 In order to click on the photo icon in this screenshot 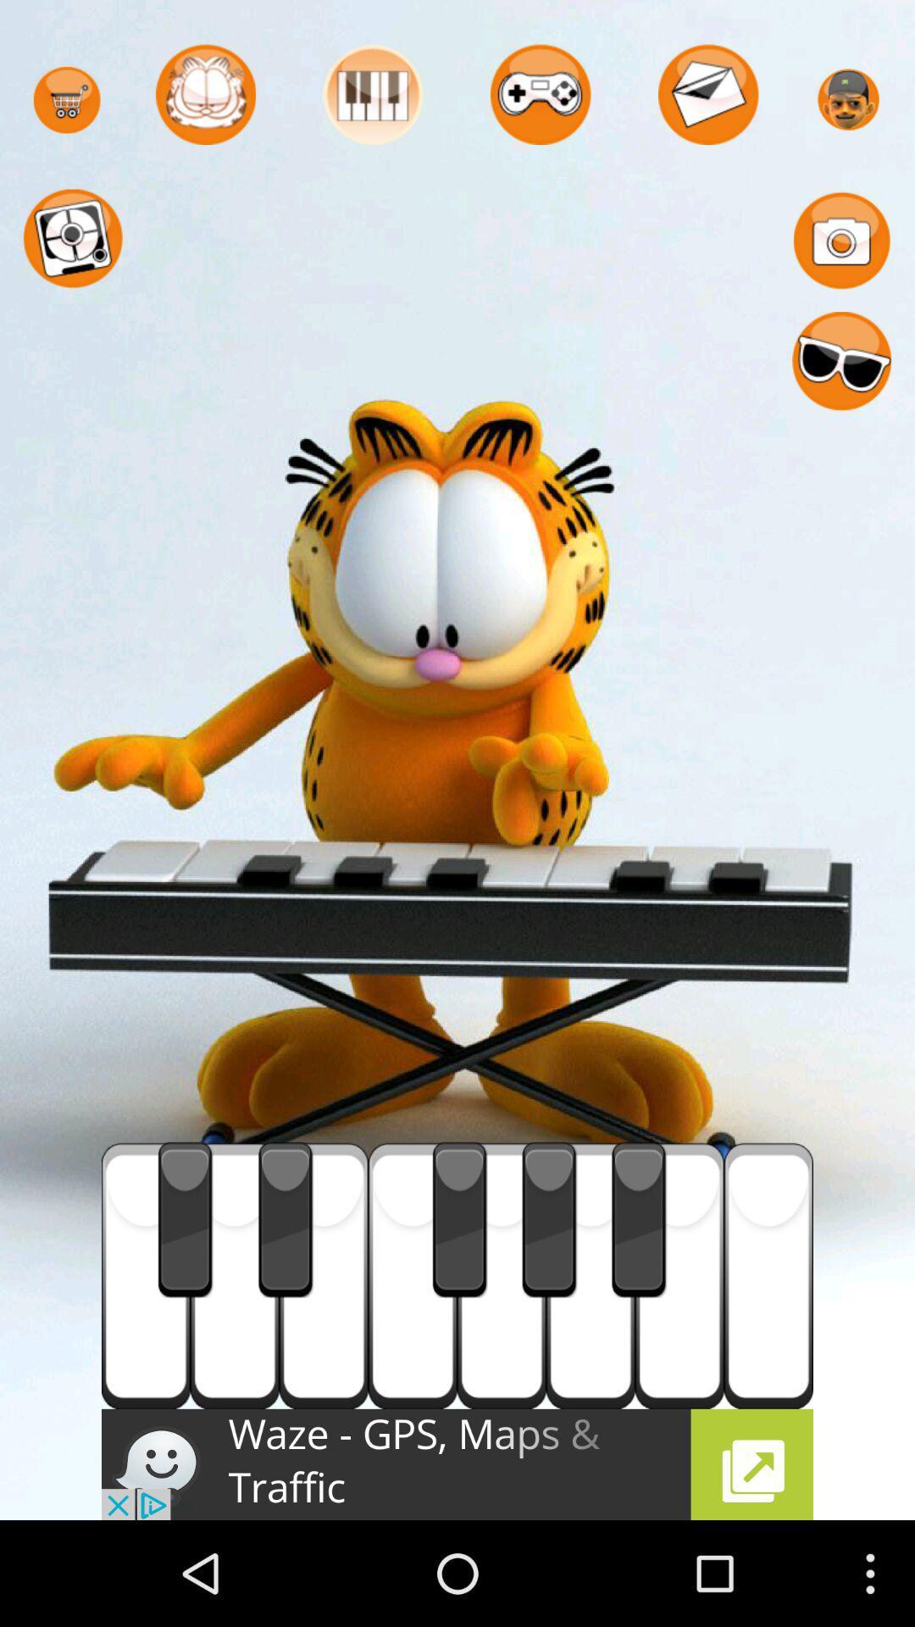, I will do `click(841, 255)`.